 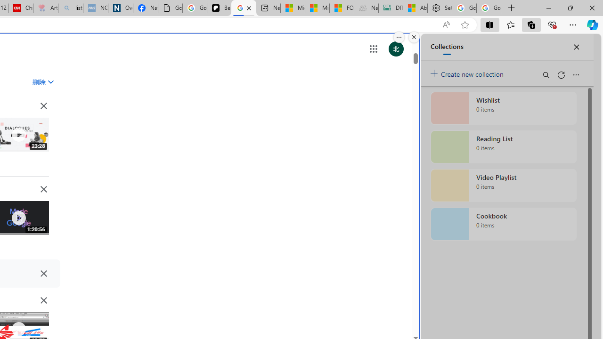 What do you see at coordinates (170, 8) in the screenshot?
I see `'Google Analytics Opt-out Browser Add-on Download Page'` at bounding box center [170, 8].